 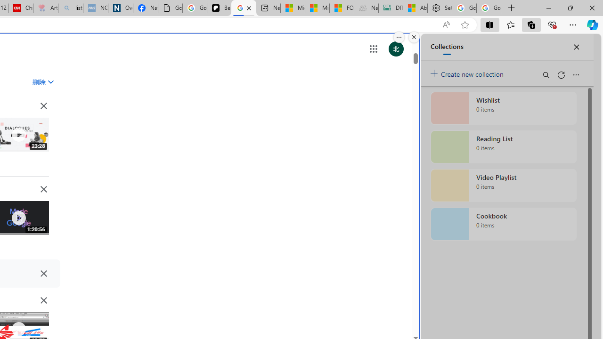 What do you see at coordinates (170, 8) in the screenshot?
I see `'Google Analytics Opt-out Browser Add-on Download Page'` at bounding box center [170, 8].